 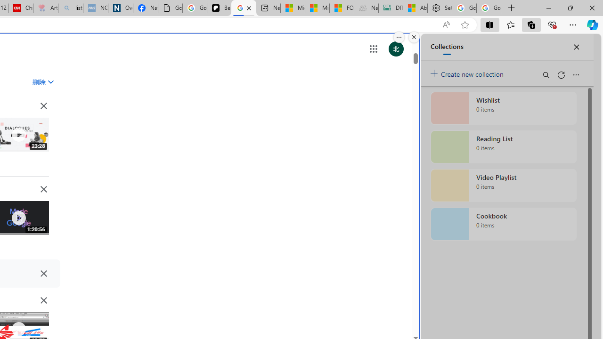 What do you see at coordinates (170, 8) in the screenshot?
I see `'Google Analytics Opt-out Browser Add-on Download Page'` at bounding box center [170, 8].